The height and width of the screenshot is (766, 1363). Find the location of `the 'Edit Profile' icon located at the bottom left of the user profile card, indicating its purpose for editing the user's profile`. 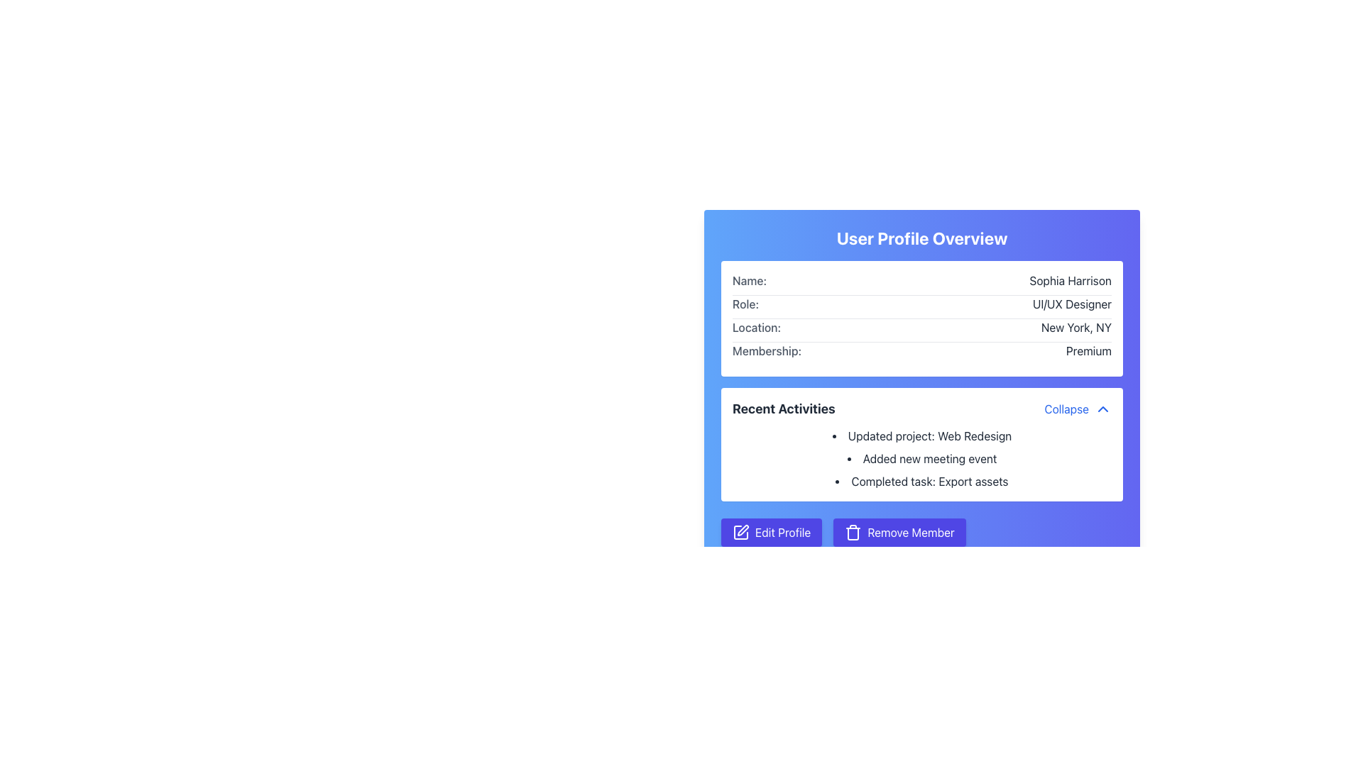

the 'Edit Profile' icon located at the bottom left of the user profile card, indicating its purpose for editing the user's profile is located at coordinates (742, 531).